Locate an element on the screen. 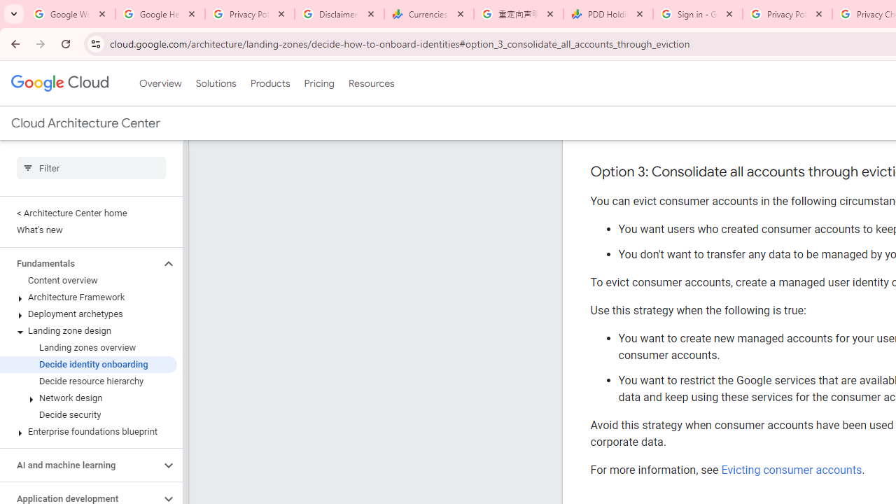 This screenshot has width=896, height=504. 'Overview' is located at coordinates (160, 83).